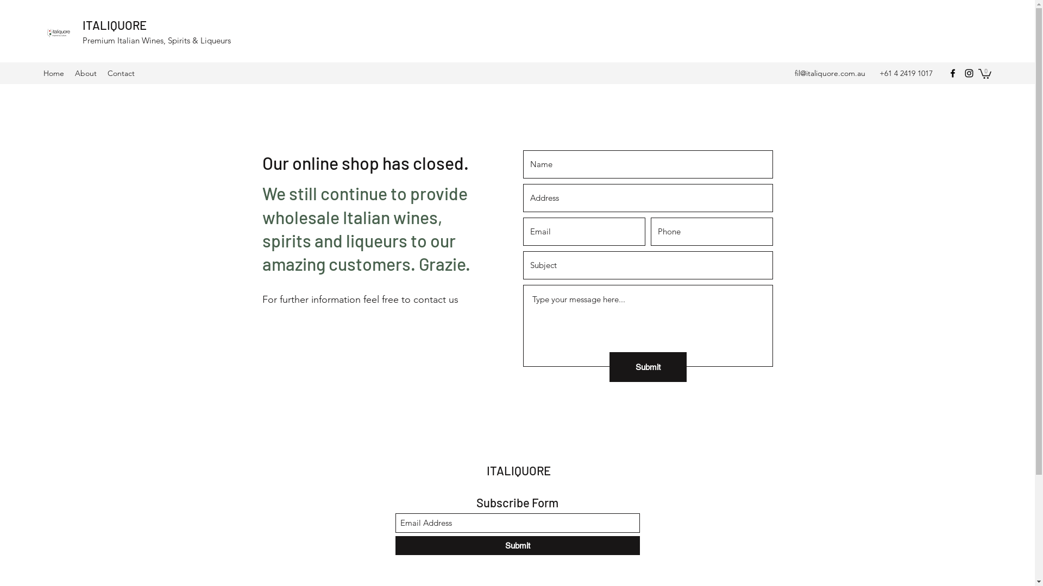 This screenshot has height=586, width=1043. What do you see at coordinates (85, 73) in the screenshot?
I see `'About'` at bounding box center [85, 73].